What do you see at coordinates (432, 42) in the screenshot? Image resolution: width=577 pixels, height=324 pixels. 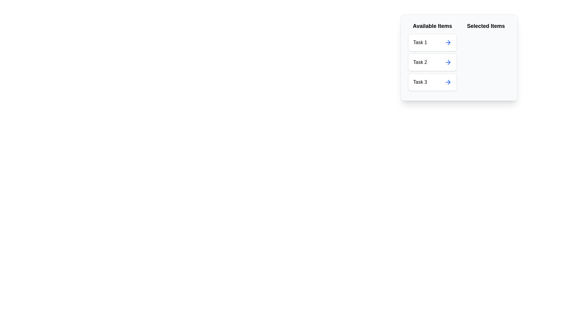 I see `the 'Task 1' button, which is the first item in the vertical list of task entries under the 'Available Items' section` at bounding box center [432, 42].